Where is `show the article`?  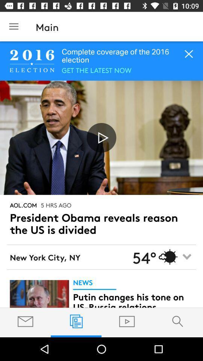
show the article is located at coordinates (39, 294).